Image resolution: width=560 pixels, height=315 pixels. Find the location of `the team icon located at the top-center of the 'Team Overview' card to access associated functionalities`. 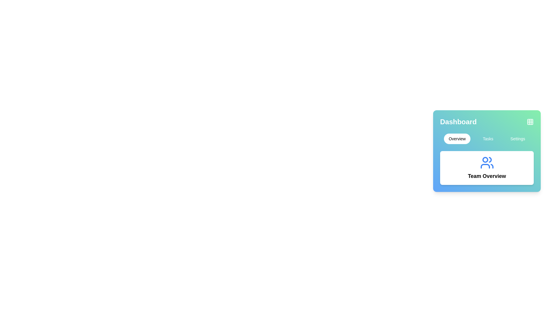

the team icon located at the top-center of the 'Team Overview' card to access associated functionalities is located at coordinates (487, 163).